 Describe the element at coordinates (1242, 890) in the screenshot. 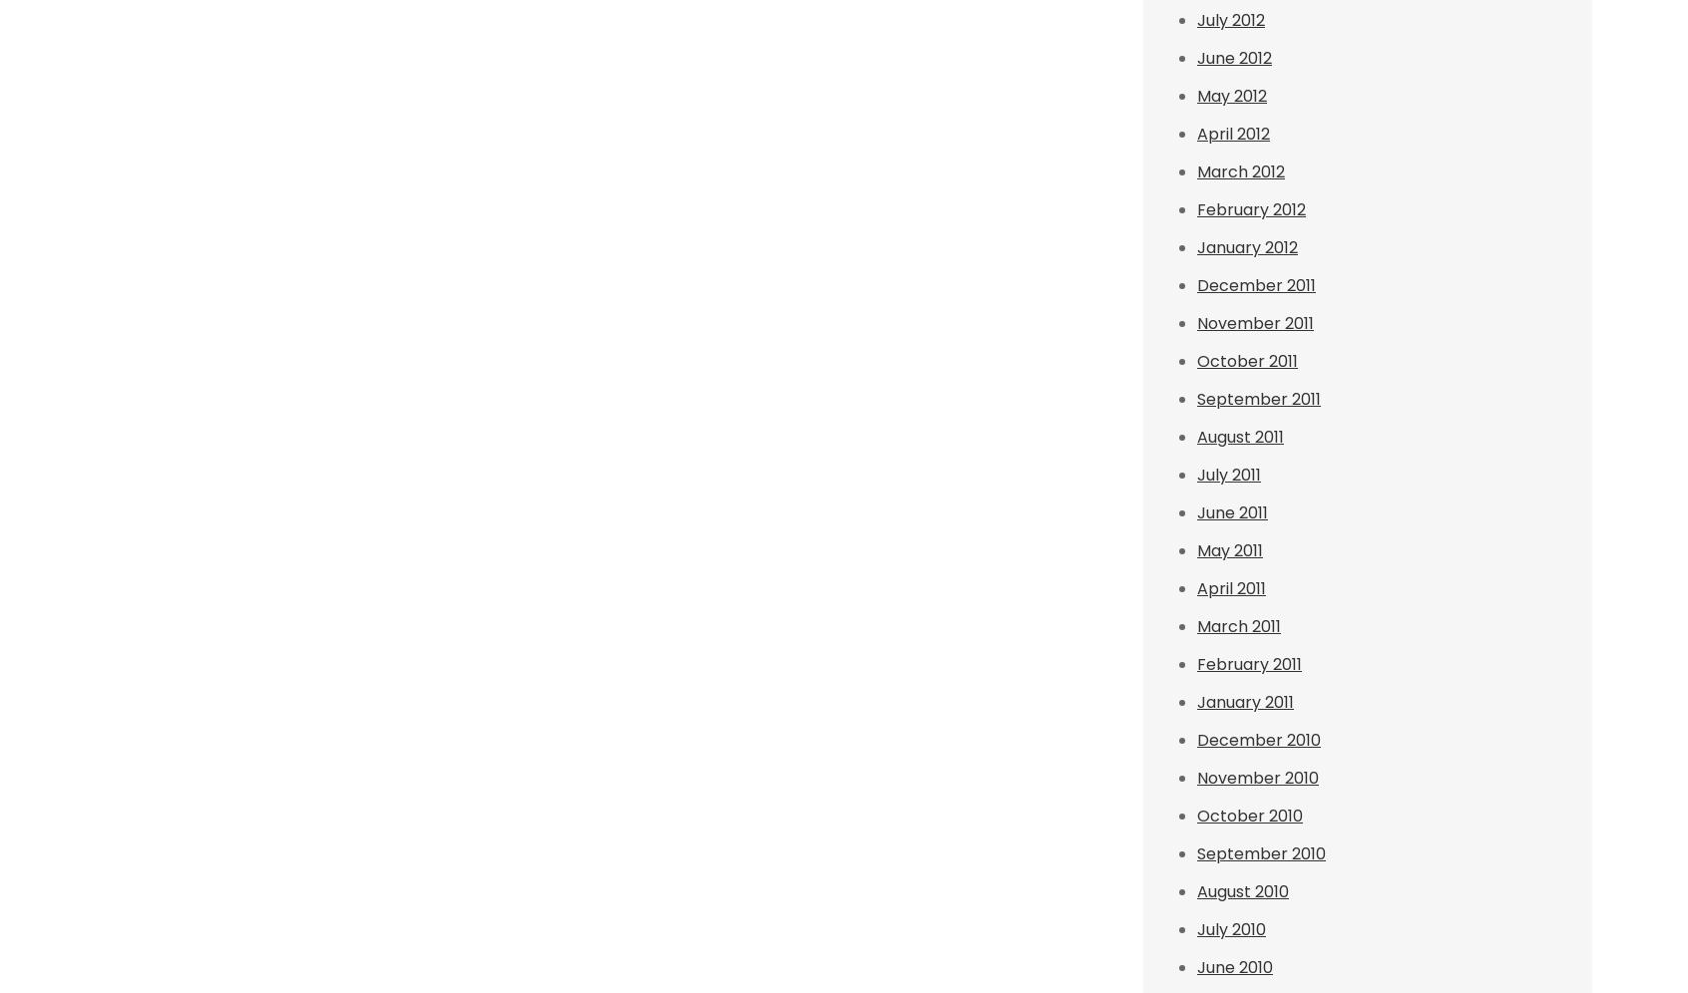

I see `'August 2010'` at that location.